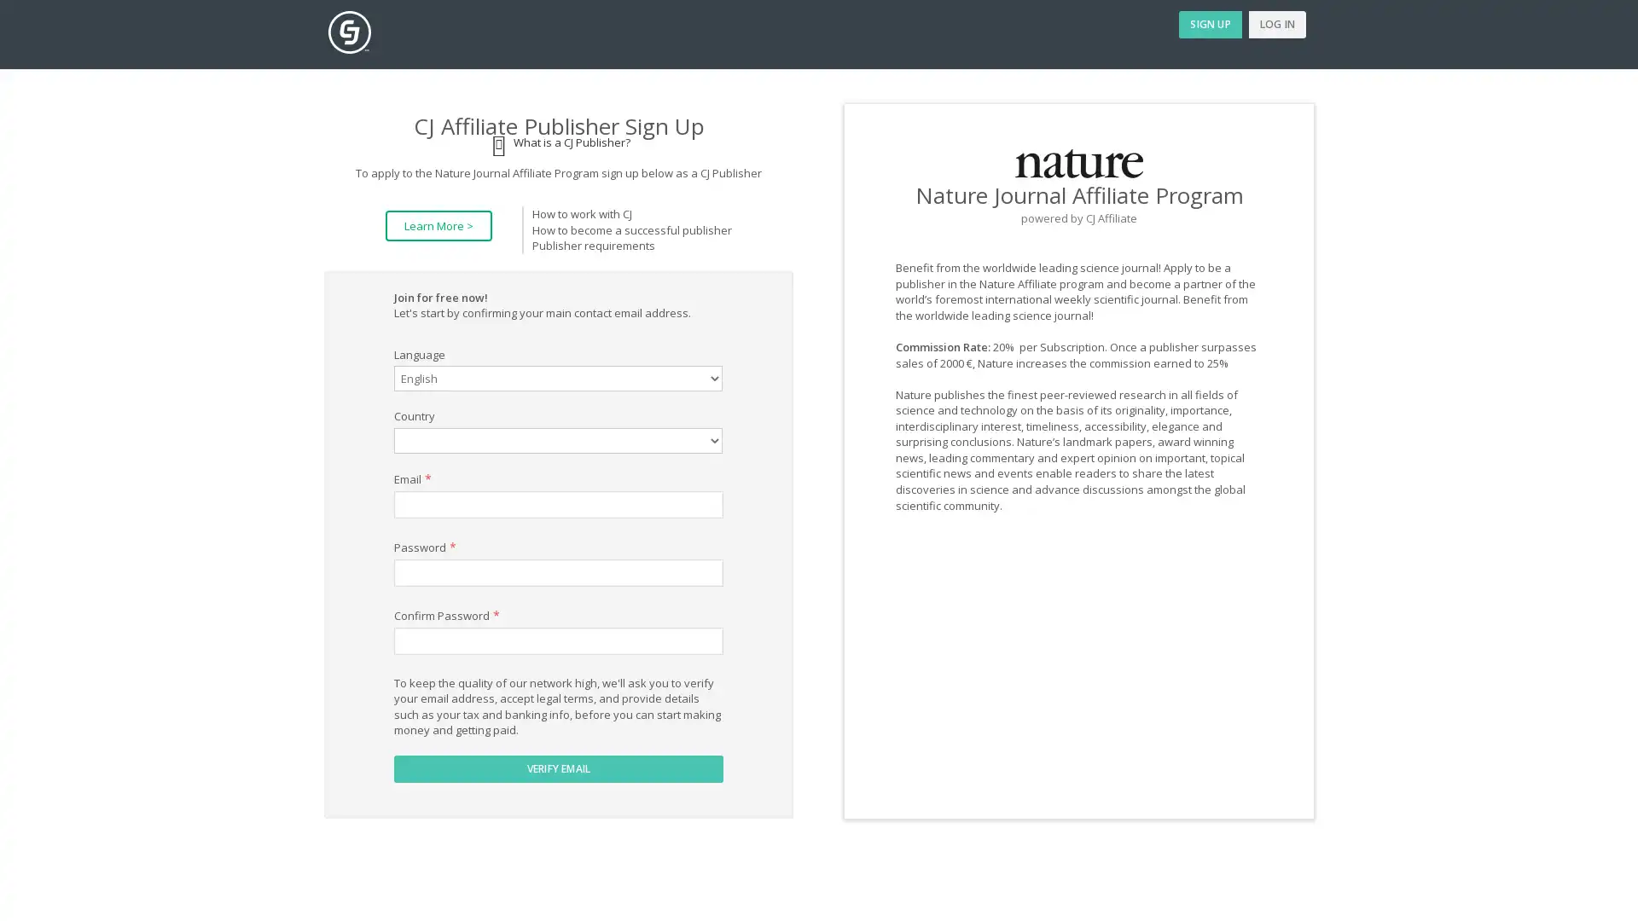  What do you see at coordinates (558, 848) in the screenshot?
I see `VERIFY EMAIL` at bounding box center [558, 848].